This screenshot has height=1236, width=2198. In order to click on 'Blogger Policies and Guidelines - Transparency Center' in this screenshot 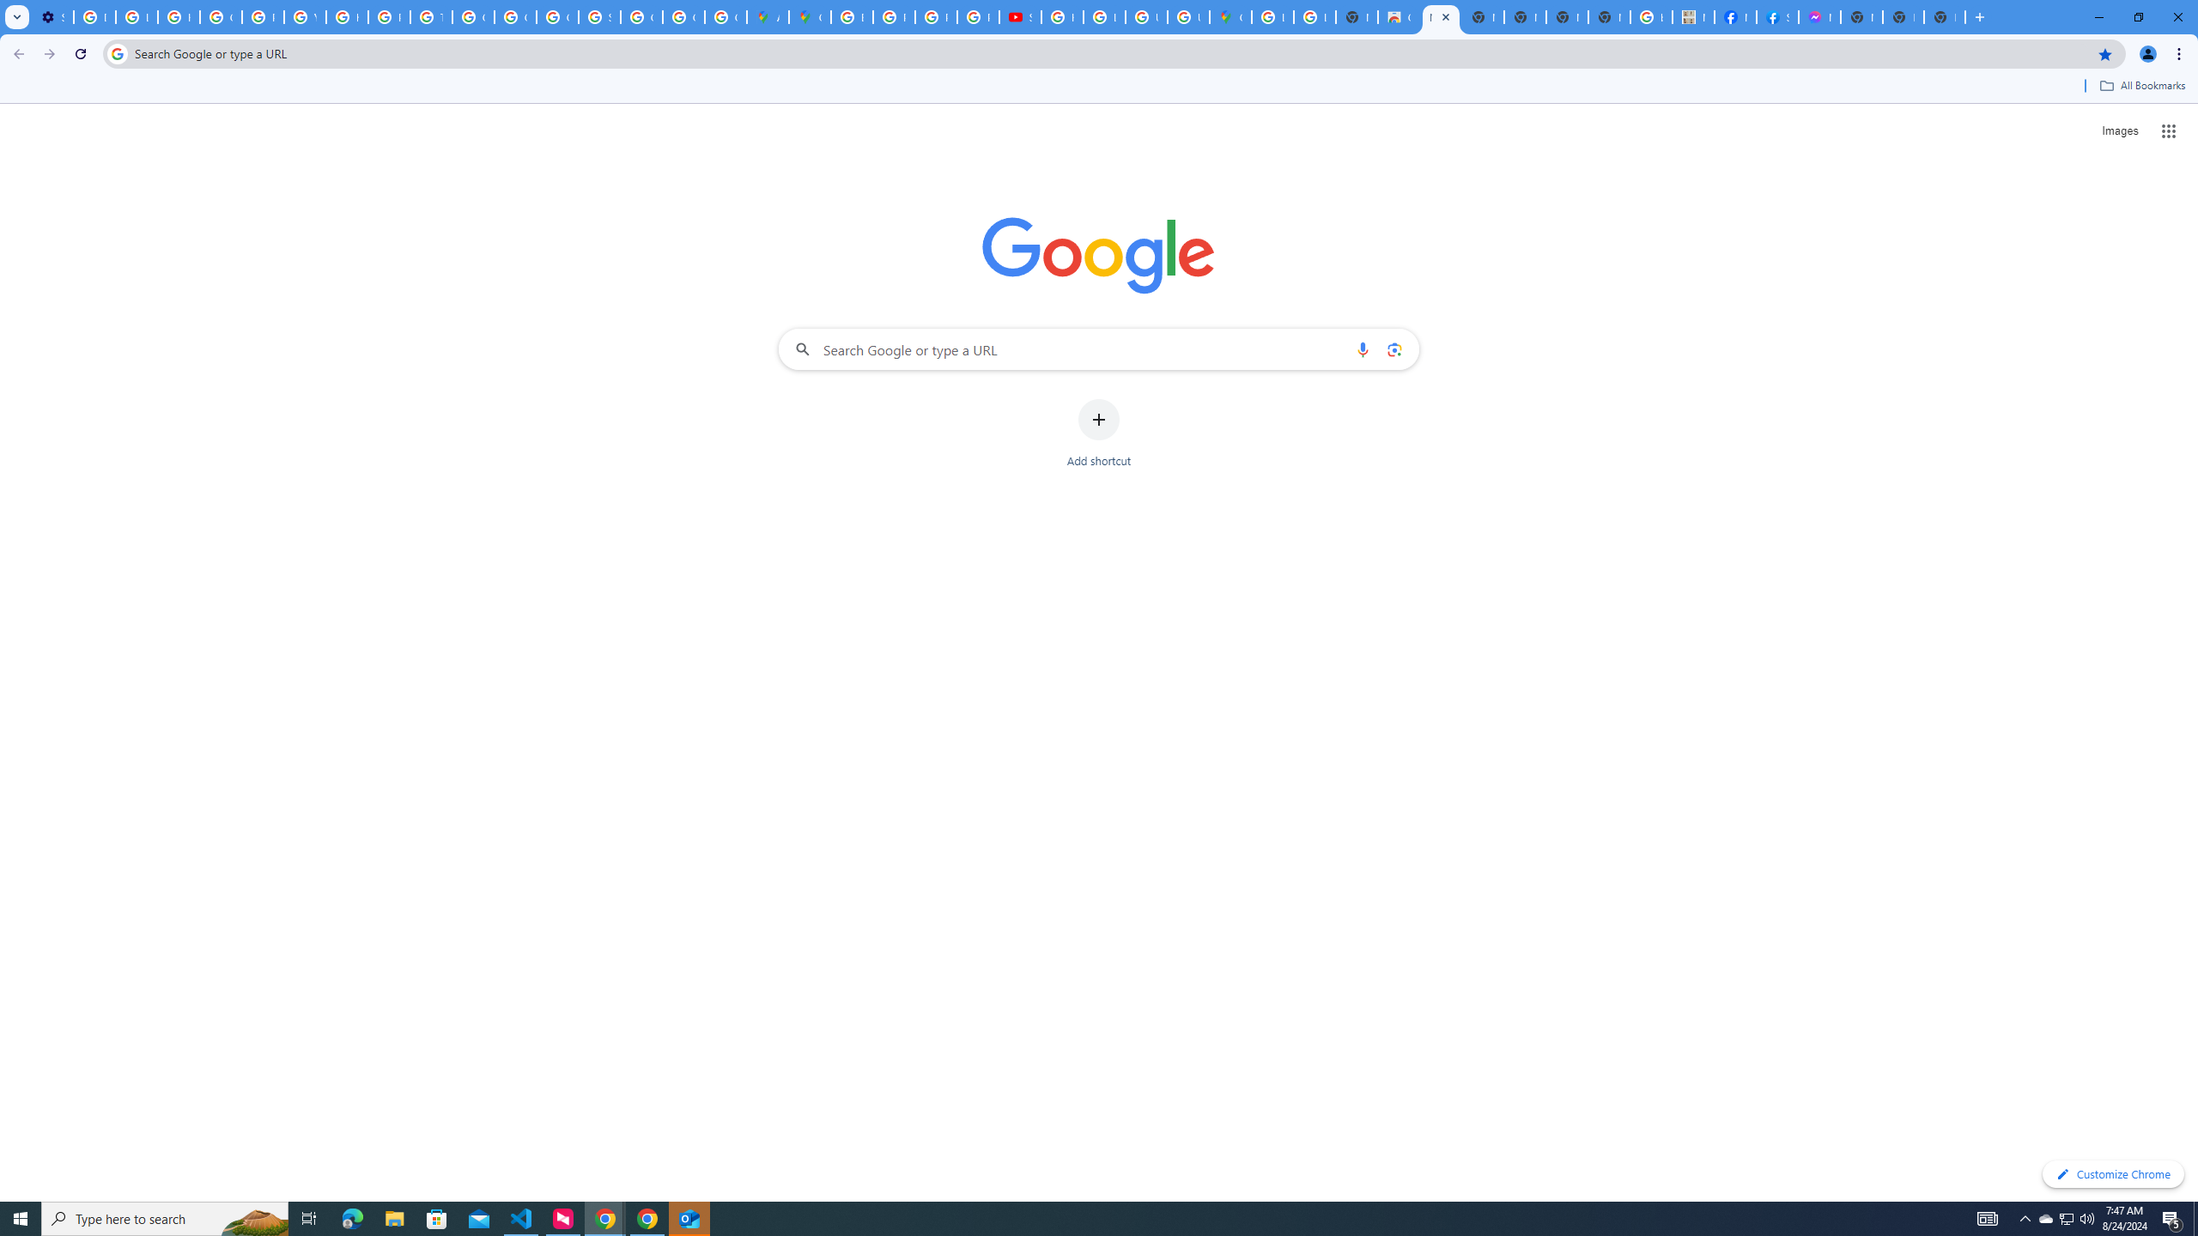, I will do `click(852, 16)`.